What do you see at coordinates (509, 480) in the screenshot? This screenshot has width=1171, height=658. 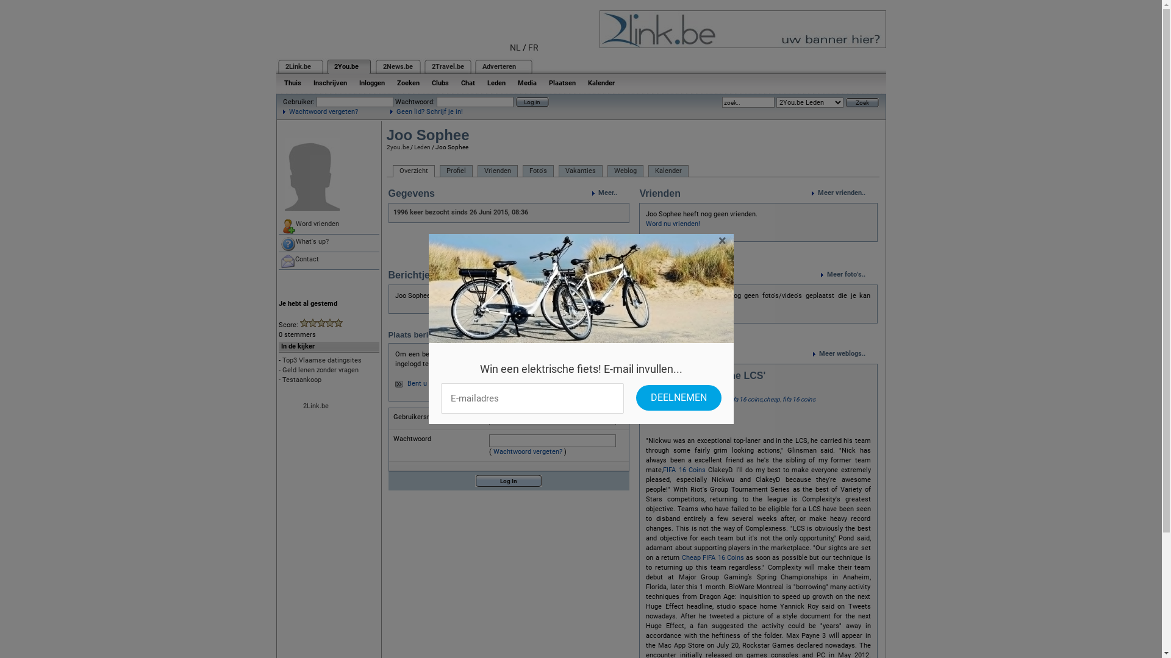 I see `'Log In'` at bounding box center [509, 480].